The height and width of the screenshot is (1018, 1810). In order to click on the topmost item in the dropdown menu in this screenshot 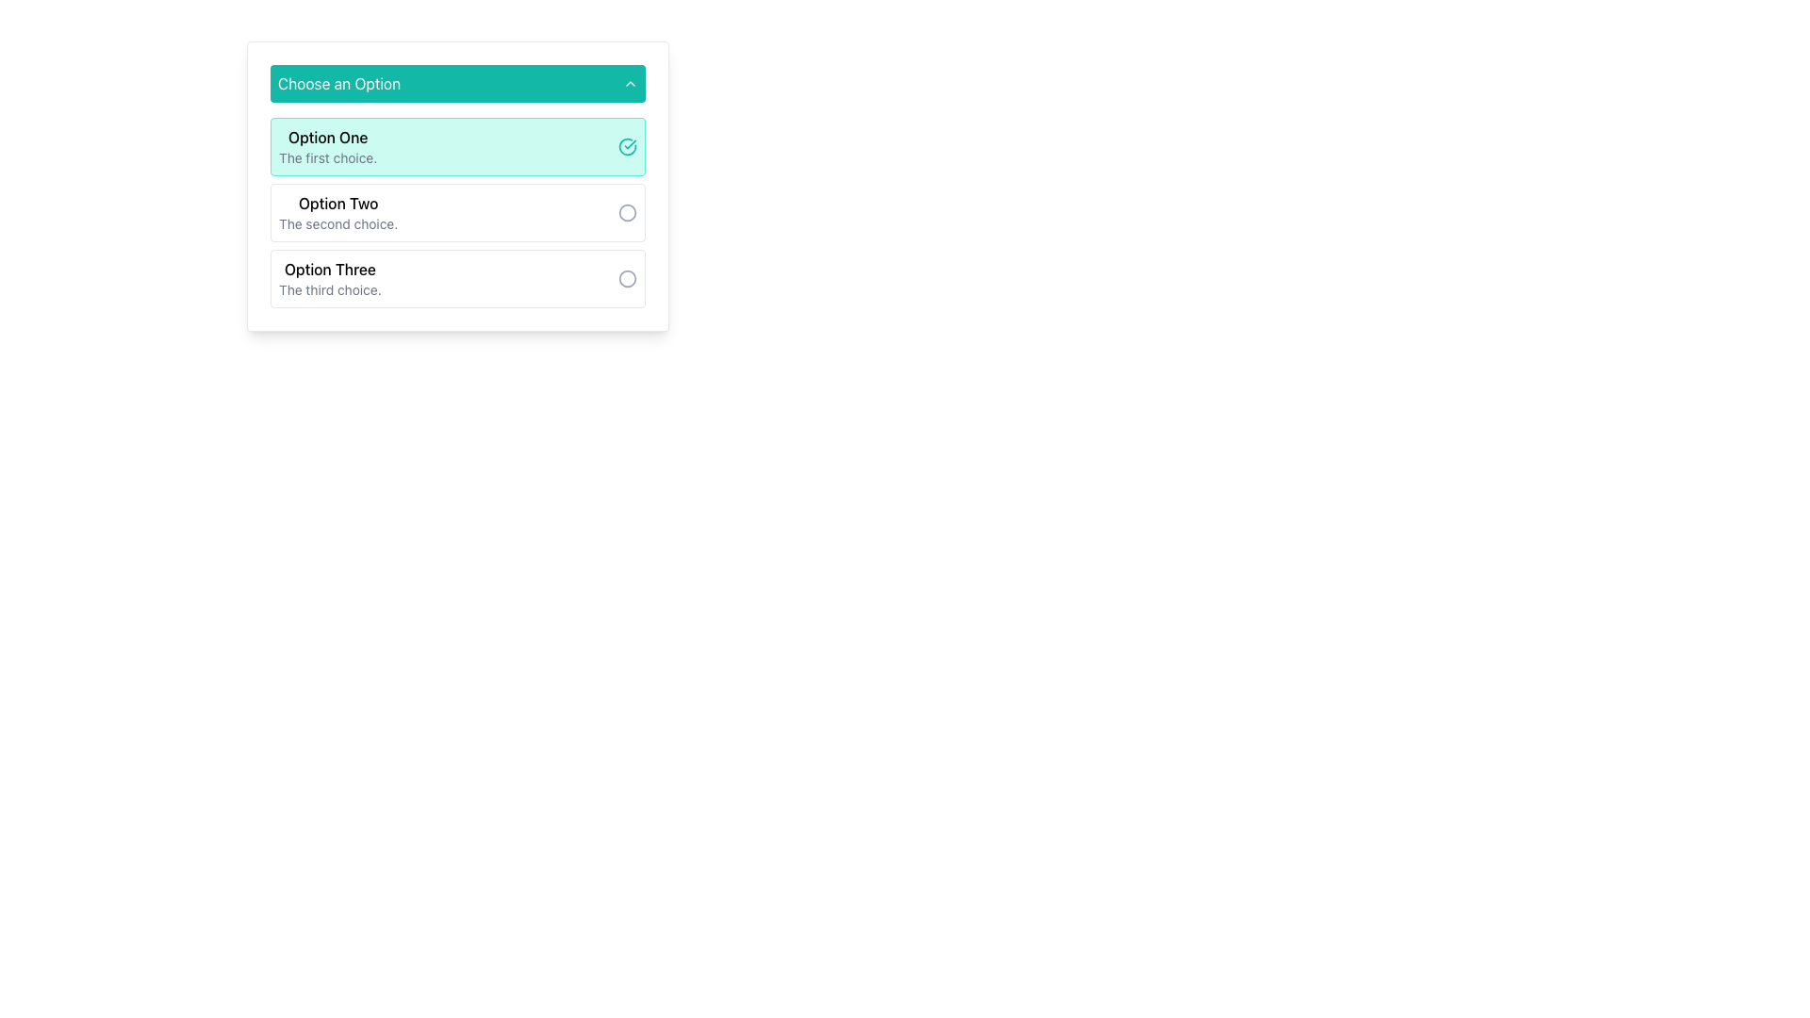, I will do `click(327, 145)`.